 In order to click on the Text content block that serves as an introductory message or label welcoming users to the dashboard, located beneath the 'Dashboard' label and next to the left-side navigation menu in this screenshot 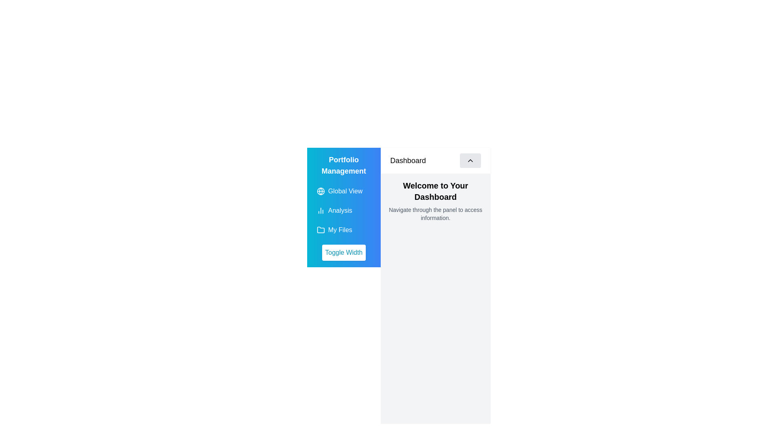, I will do `click(435, 200)`.